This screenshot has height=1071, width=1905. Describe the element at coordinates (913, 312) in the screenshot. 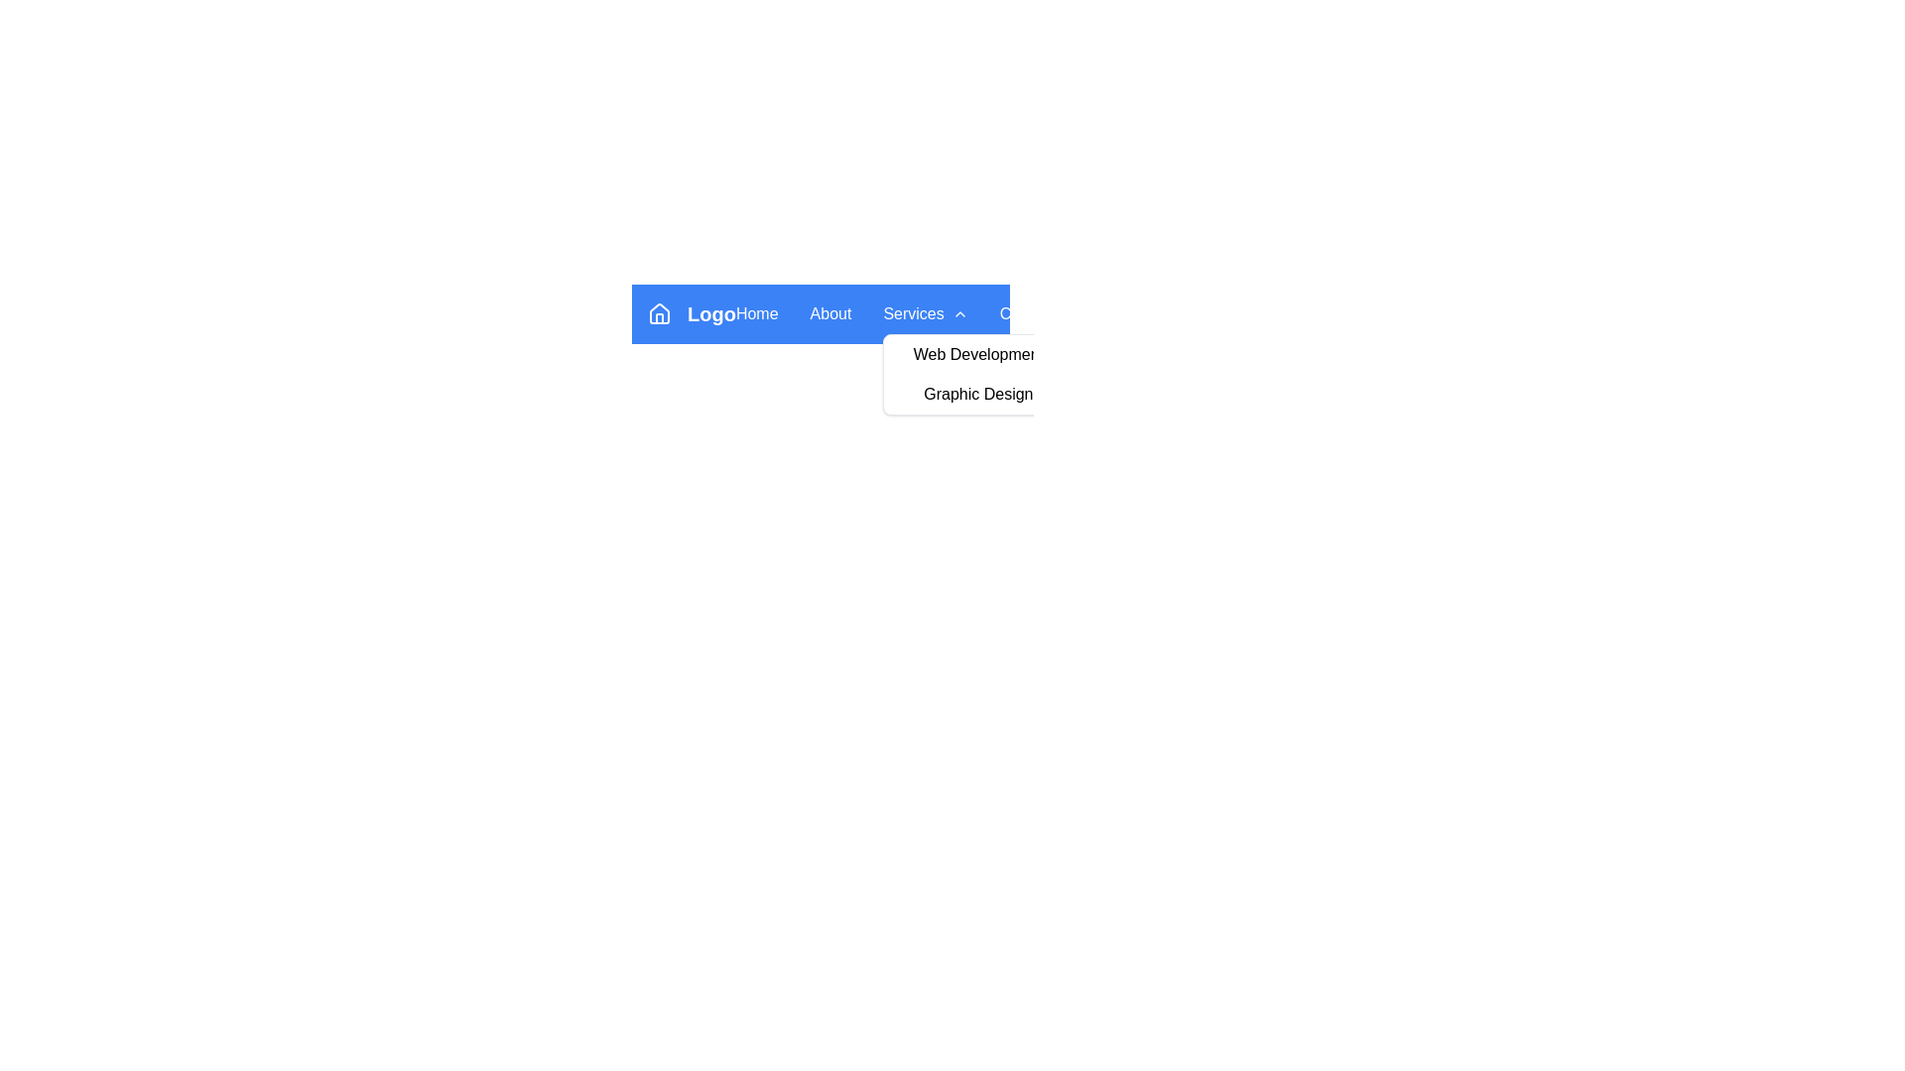

I see `the 'Services' text label, which is white on a blue background in the navigation bar` at that location.